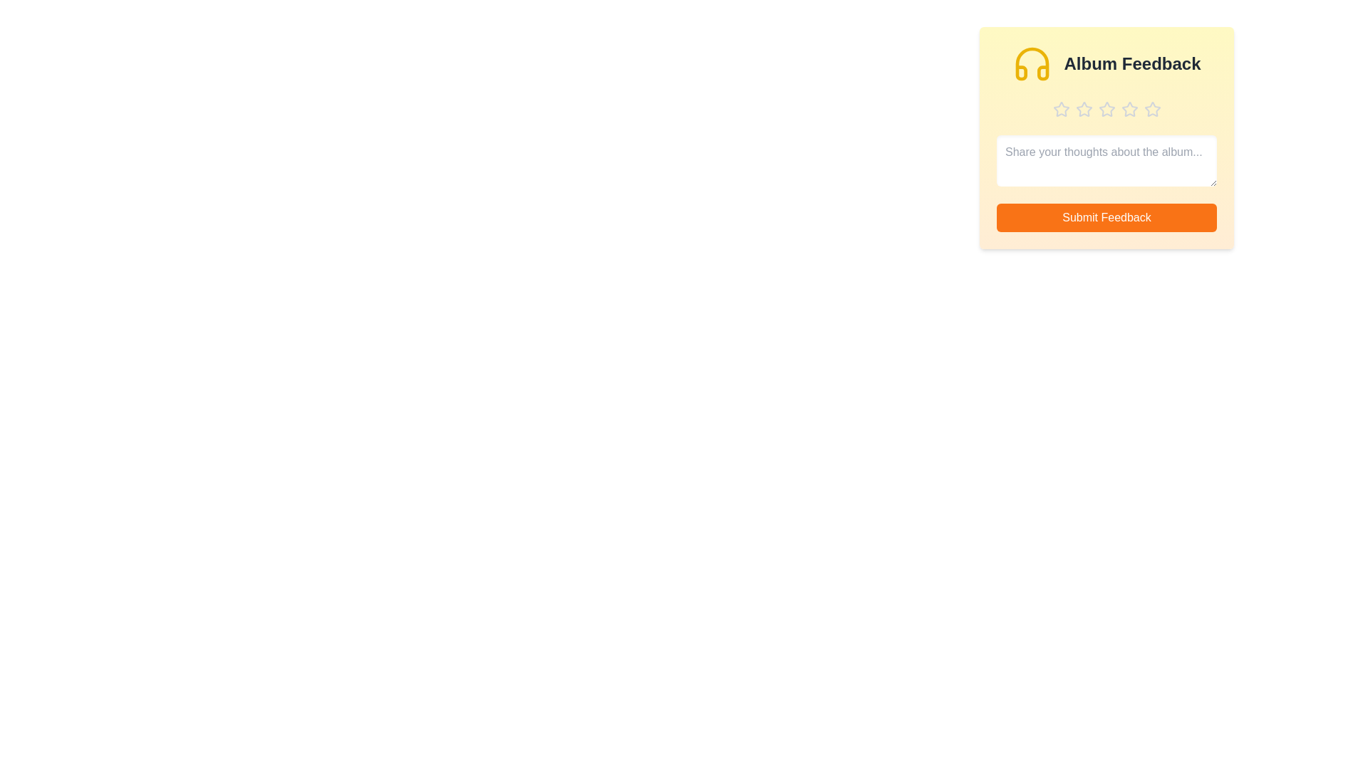 The height and width of the screenshot is (769, 1368). I want to click on the album rating to 5 stars by clicking the corresponding star button, so click(1152, 109).